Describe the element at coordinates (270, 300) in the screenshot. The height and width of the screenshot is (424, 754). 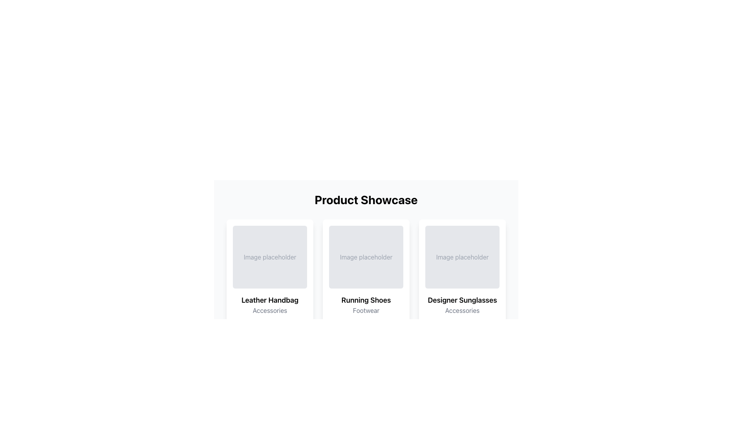
I see `the text label that reads 'Leather Handbag', which is styled in bold and large font, centrally positioned within the product card` at that location.